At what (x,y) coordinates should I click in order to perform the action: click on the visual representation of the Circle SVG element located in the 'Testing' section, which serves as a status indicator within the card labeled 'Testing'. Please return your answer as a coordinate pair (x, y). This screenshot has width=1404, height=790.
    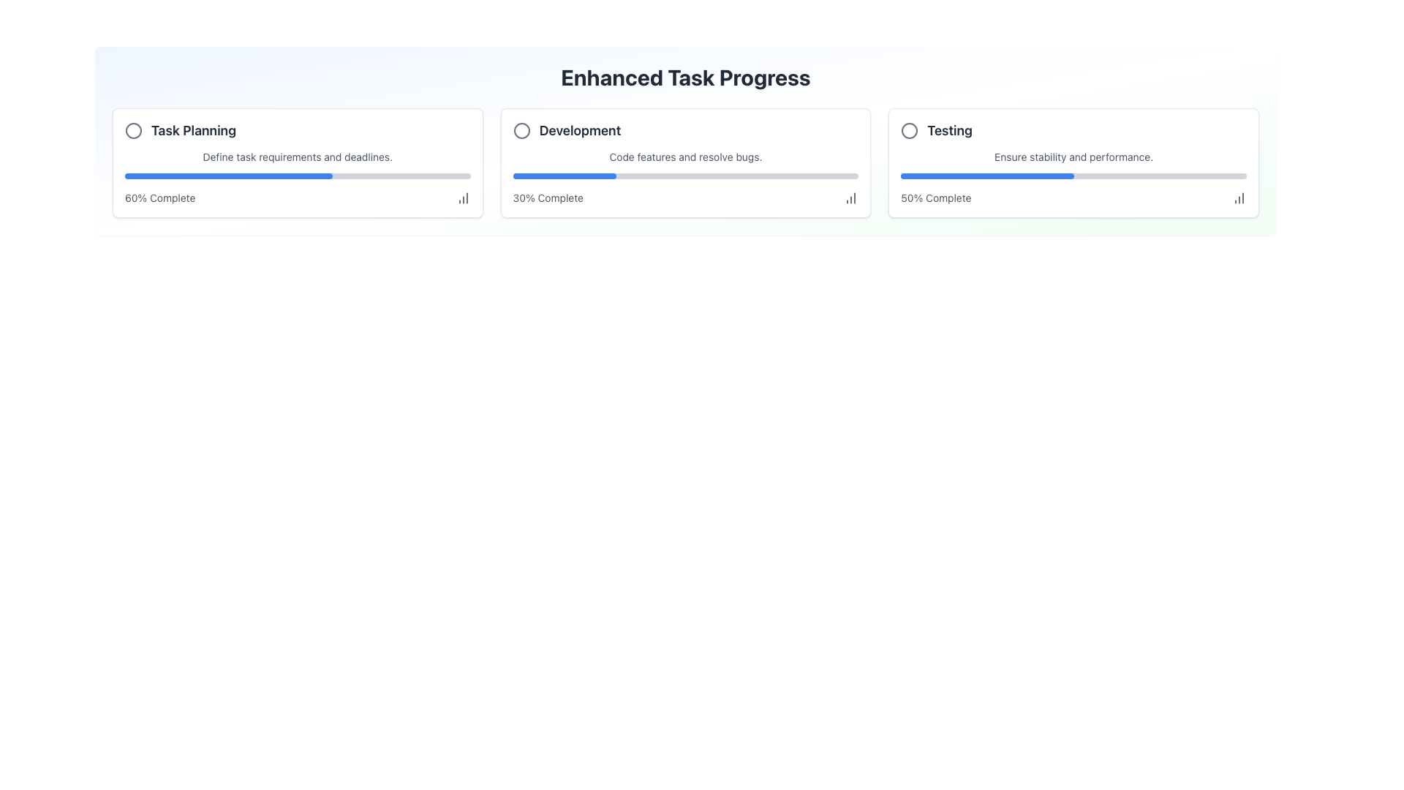
    Looking at the image, I should click on (909, 129).